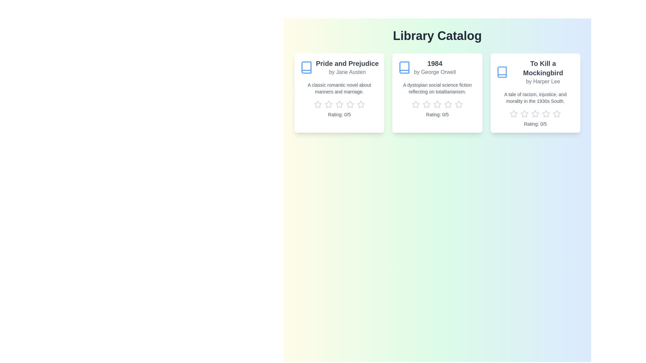 This screenshot has height=363, width=646. Describe the element at coordinates (360, 105) in the screenshot. I see `the rating of the book 'Pride and Prejudice' to 5 stars by clicking the corresponding star` at that location.